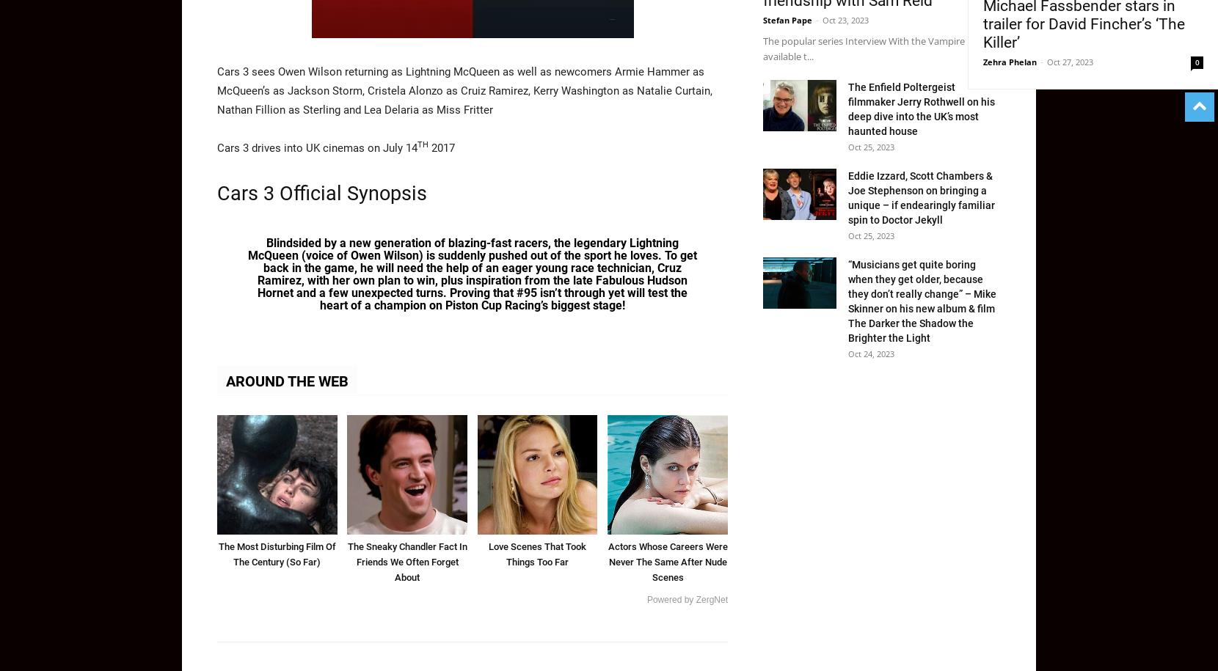  I want to click on 'Cars 3 Official Synopsis', so click(216, 192).